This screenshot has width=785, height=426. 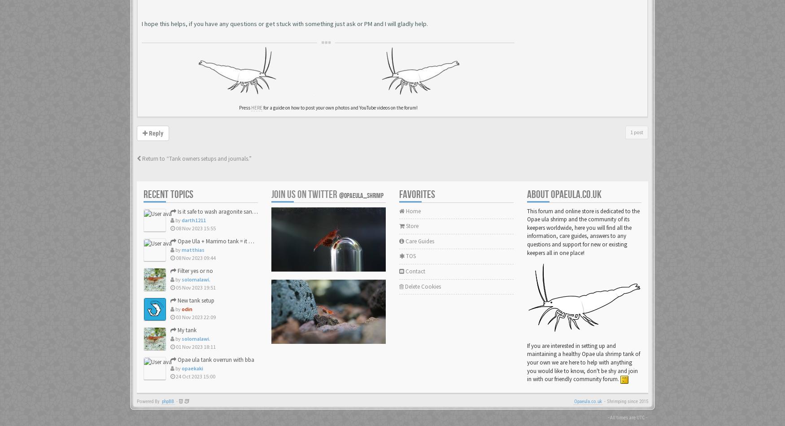 I want to click on 'Is it safe to wash aragonite sand, and lava rock under tap w...', so click(x=176, y=211).